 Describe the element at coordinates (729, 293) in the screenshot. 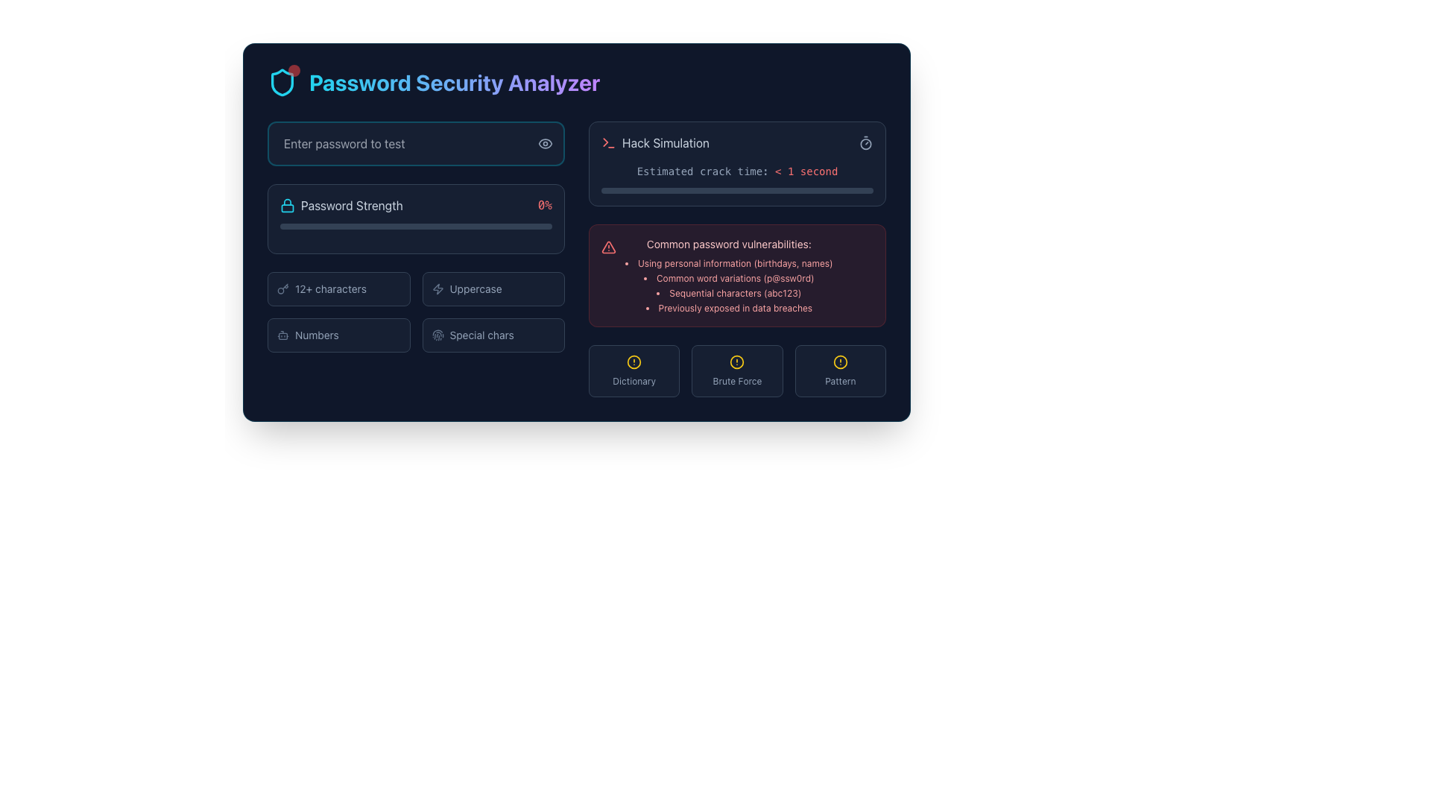

I see `text item labeled 'Sequential characters (abc123)' in the bulleted list of common password vulnerabilities, located in the right-center area of the interface` at that location.